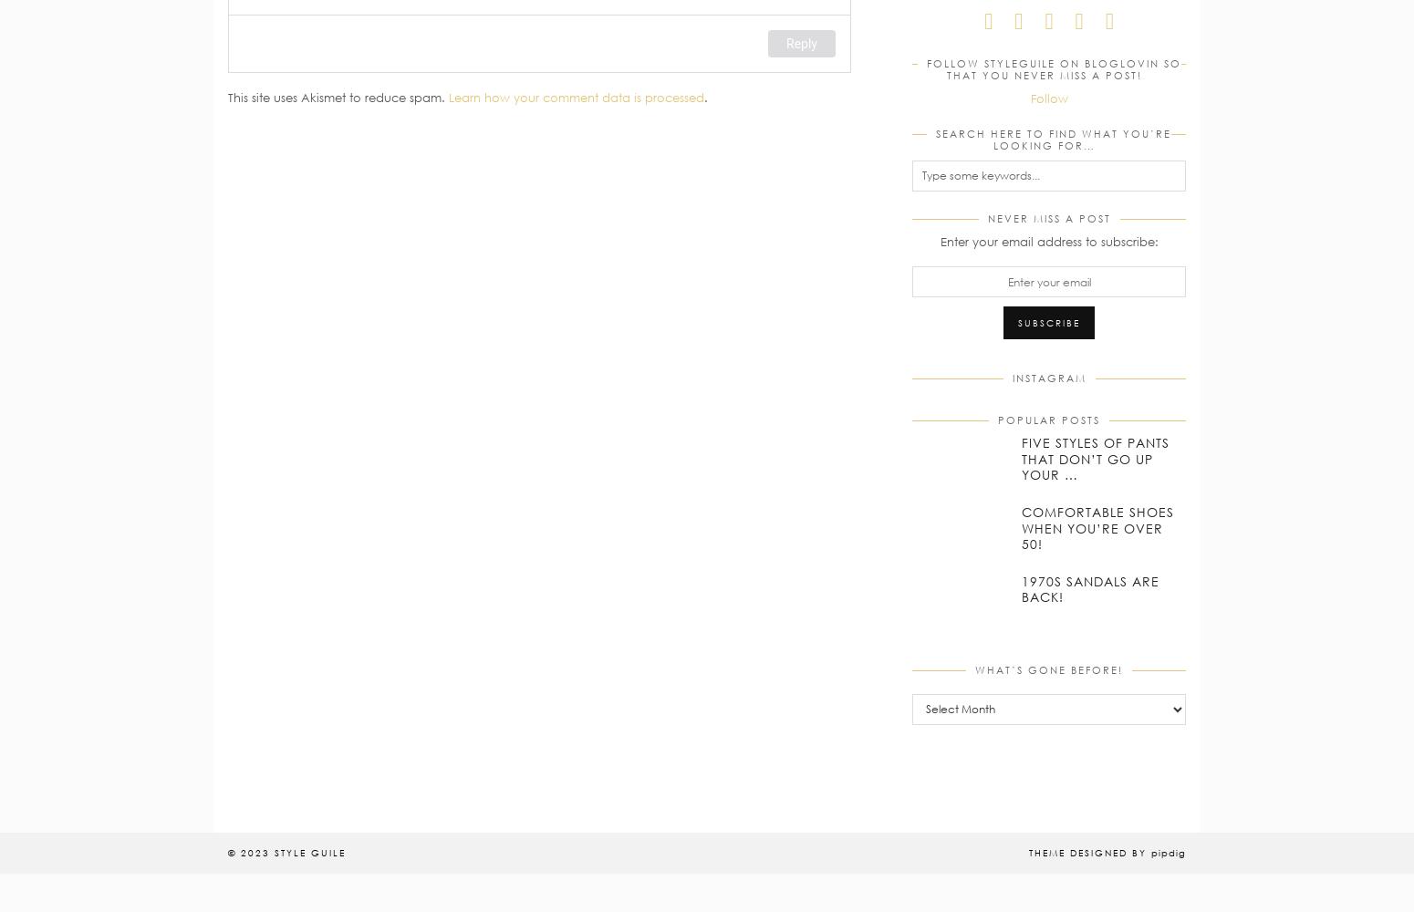 The height and width of the screenshot is (912, 1414). Describe the element at coordinates (1047, 419) in the screenshot. I see `'Popular Posts'` at that location.